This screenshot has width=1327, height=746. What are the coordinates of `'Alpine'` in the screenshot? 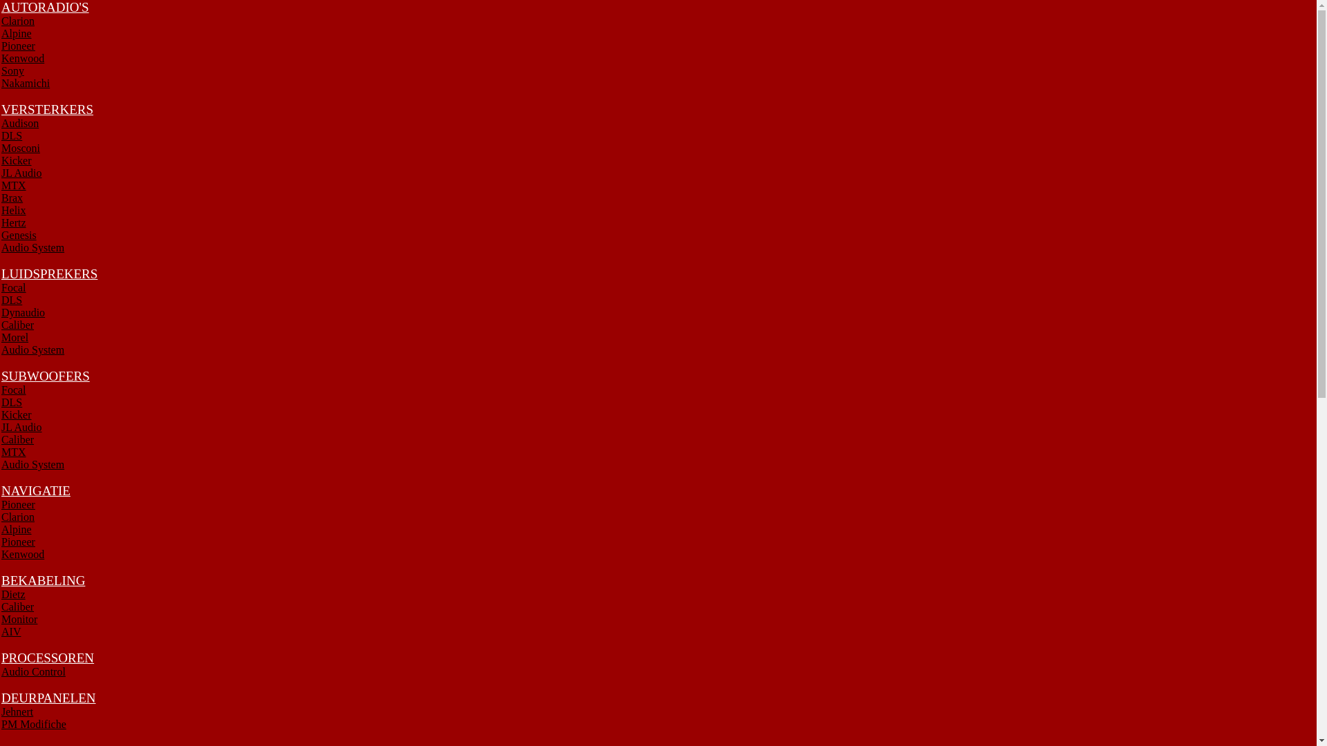 It's located at (1, 528).